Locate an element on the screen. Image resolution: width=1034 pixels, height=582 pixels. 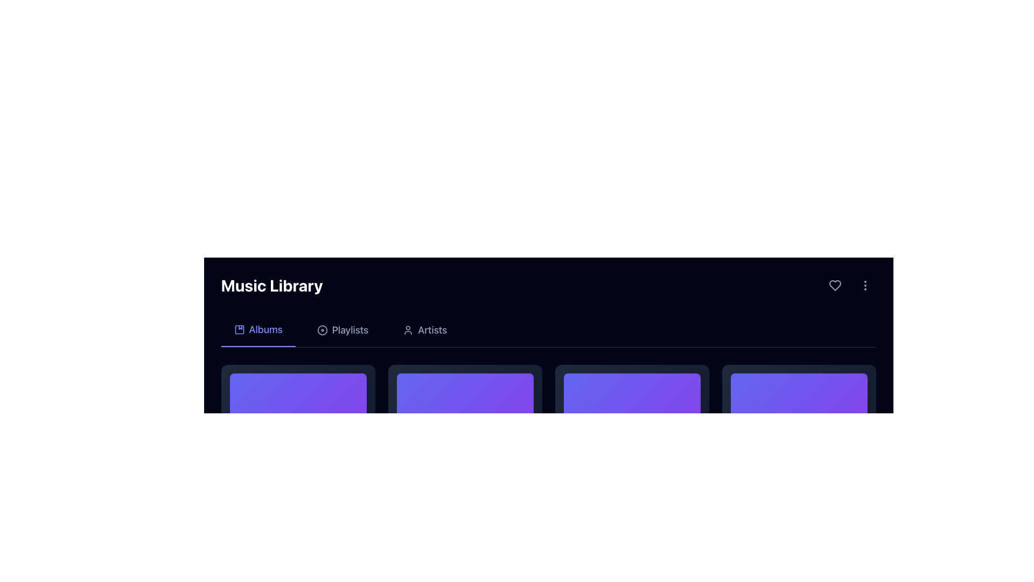
the vertical ellipsis icon consisting of three evenly spaced dark gray dots located in the top-right corner of the application is located at coordinates (865, 285).